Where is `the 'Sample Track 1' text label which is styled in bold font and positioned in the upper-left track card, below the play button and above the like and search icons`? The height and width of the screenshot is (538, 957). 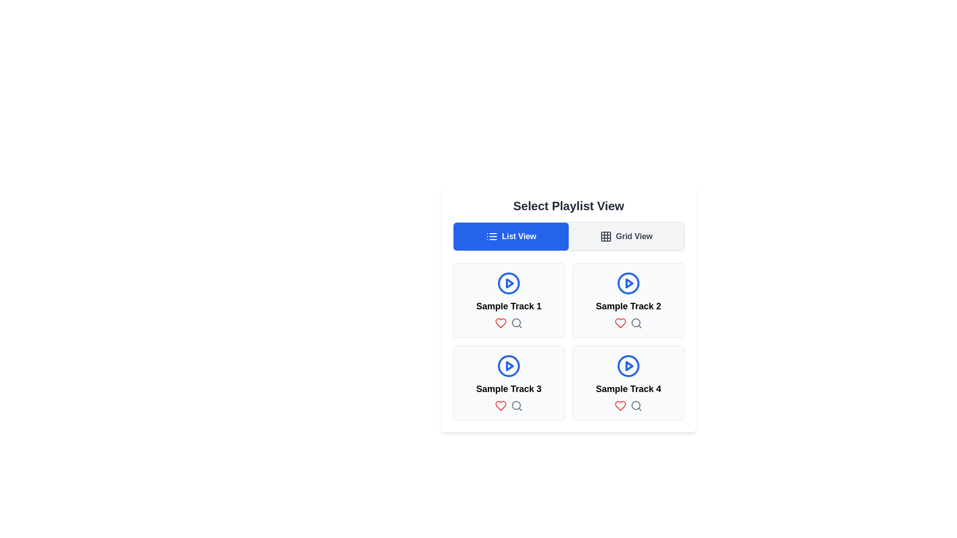
the 'Sample Track 1' text label which is styled in bold font and positioned in the upper-left track card, below the play button and above the like and search icons is located at coordinates (509, 305).